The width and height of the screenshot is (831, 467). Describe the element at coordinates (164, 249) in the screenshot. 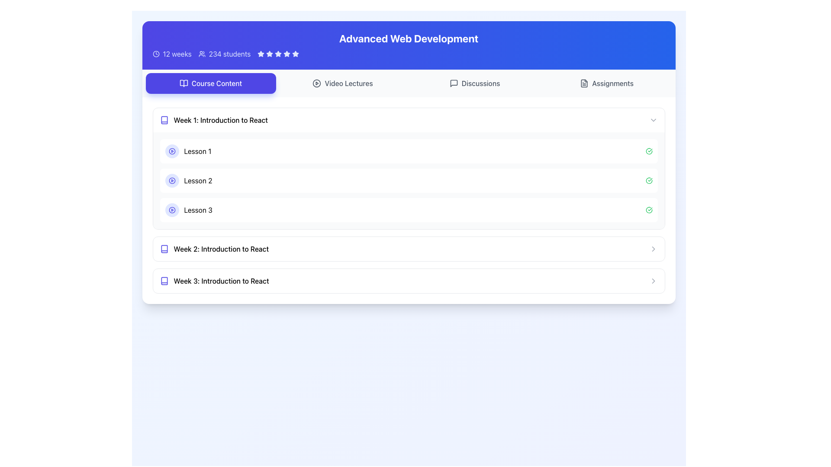

I see `the Book icon located in the left margin of the list item under 'Week 2: Introduction to React' in the 'Course Content' section` at that location.